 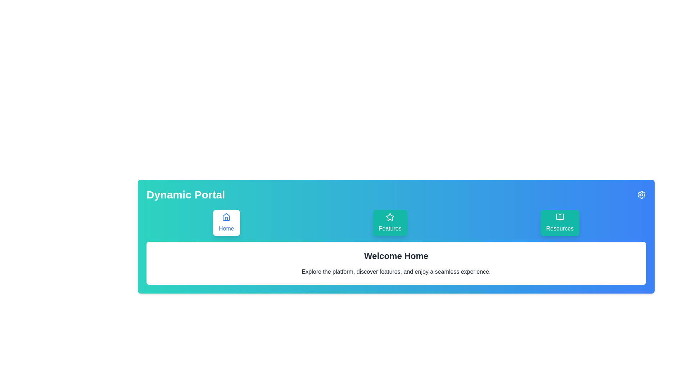 I want to click on the leftmost navigation button in the upper section of the page, so click(x=226, y=222).